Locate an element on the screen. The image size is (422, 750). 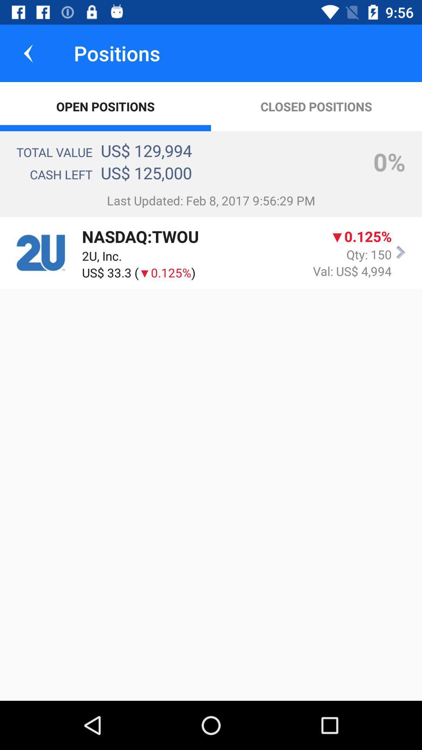
icon to the left of the positions item is located at coordinates (28, 53).